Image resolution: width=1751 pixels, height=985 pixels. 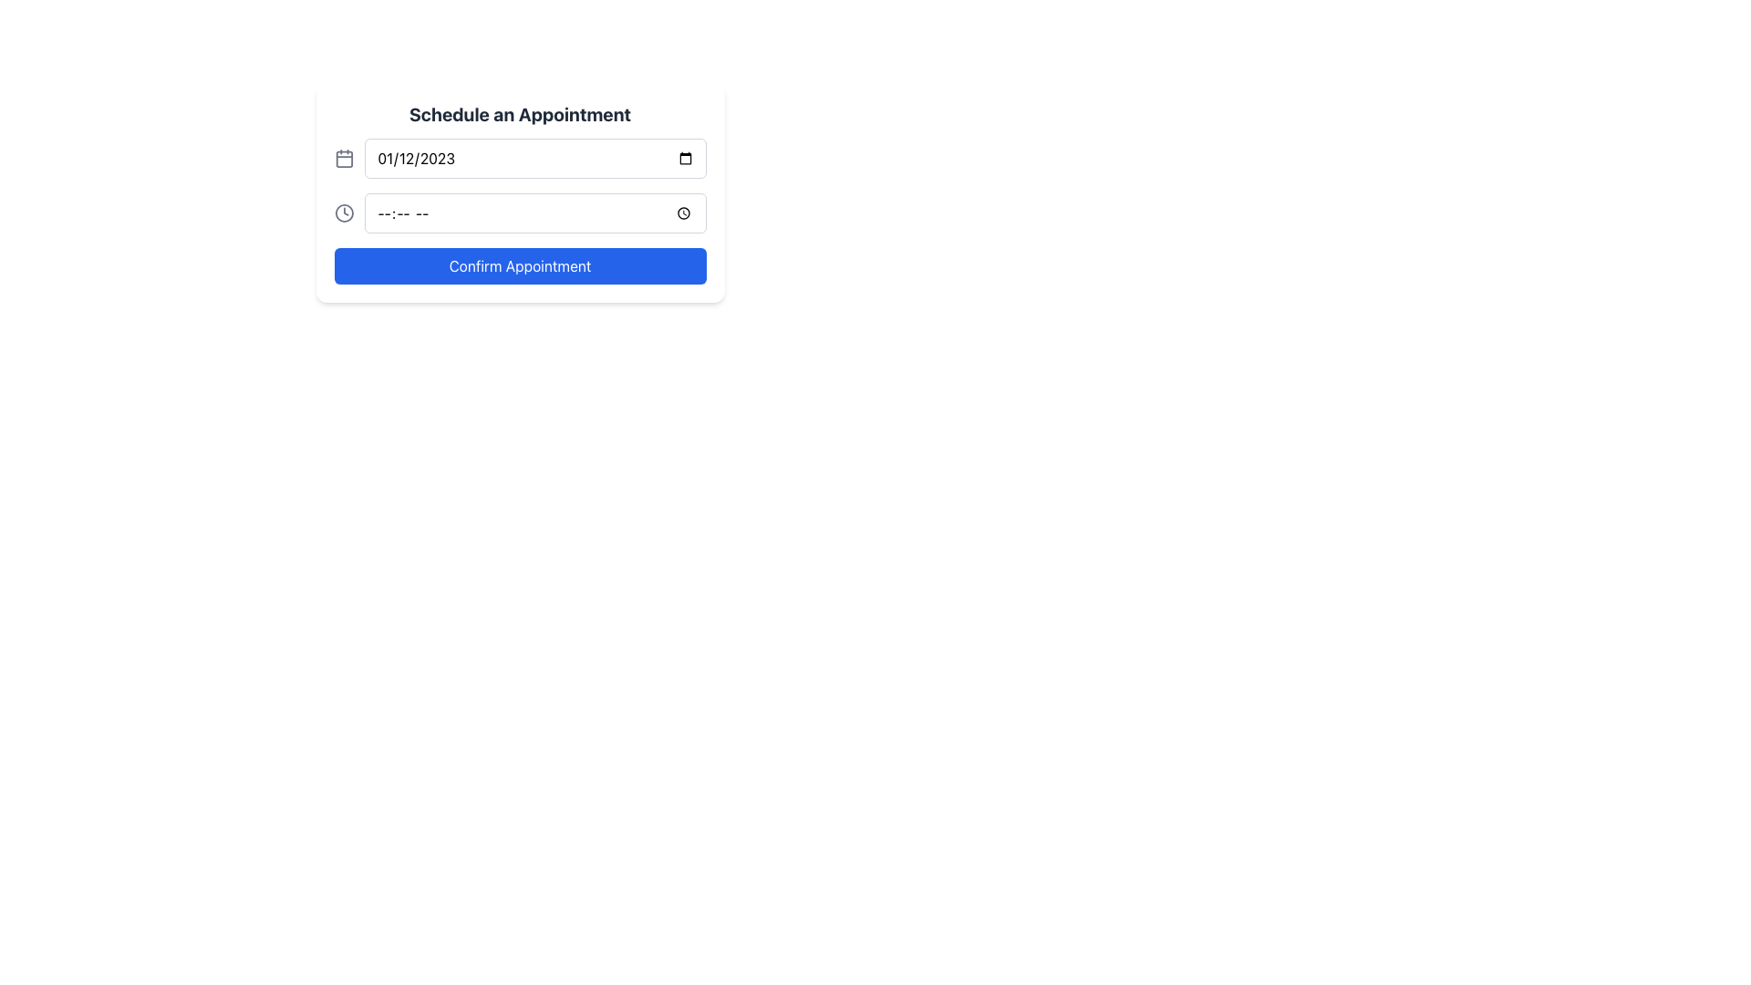 I want to click on the clock icon, which is a circular shape with clock arms located in the top left corner of the time selection section, to the left of the time input field, so click(x=344, y=213).